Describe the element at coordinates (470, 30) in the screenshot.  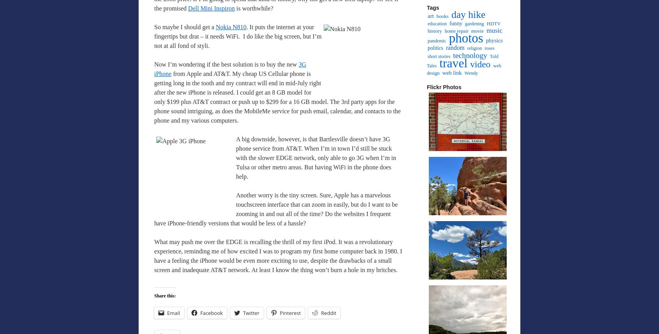
I see `'movie'` at that location.